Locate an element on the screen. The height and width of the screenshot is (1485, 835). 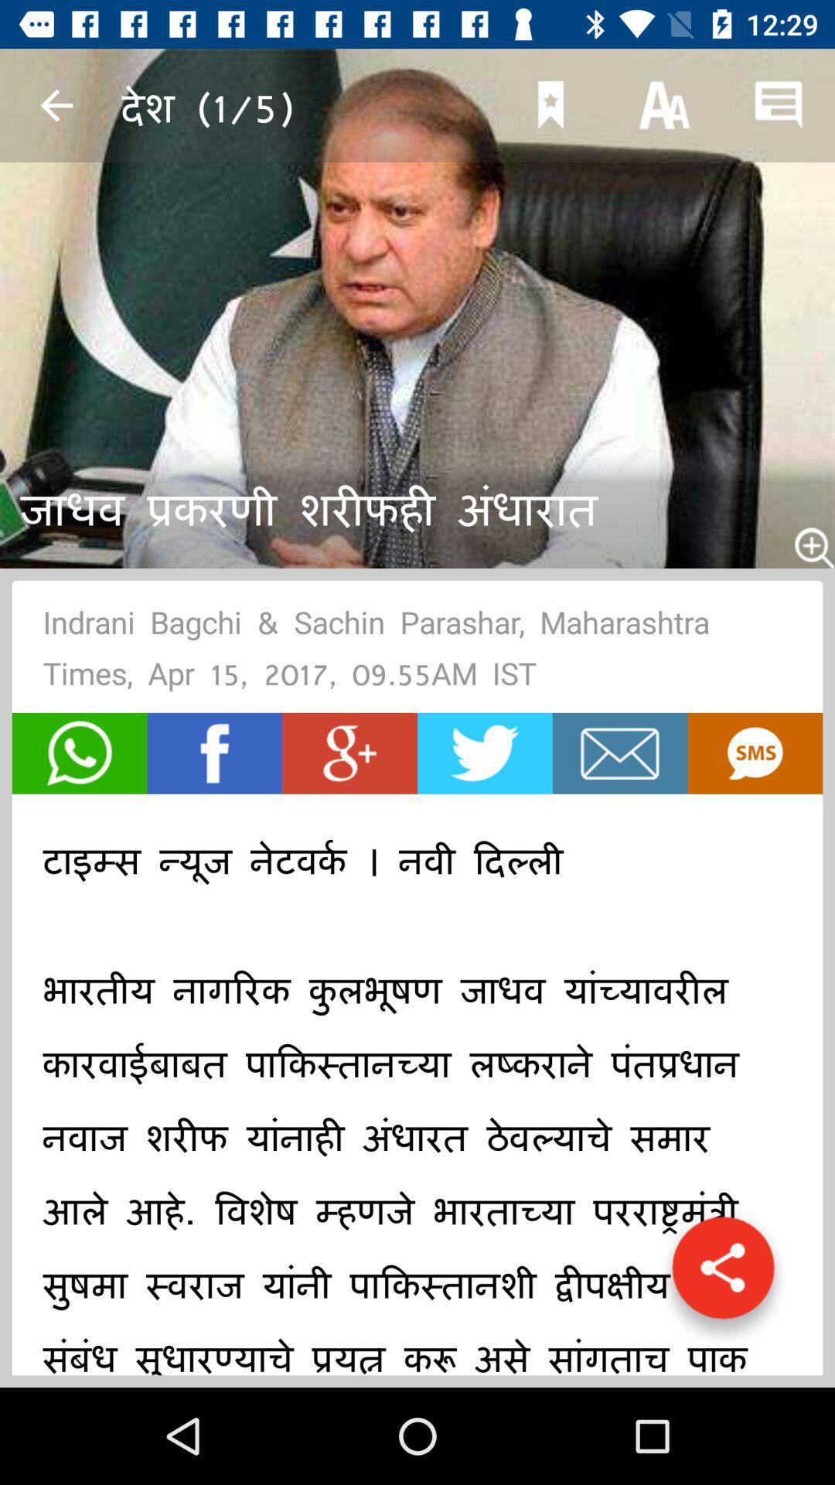
the icon below indrani bagchi sachin is located at coordinates (80, 753).